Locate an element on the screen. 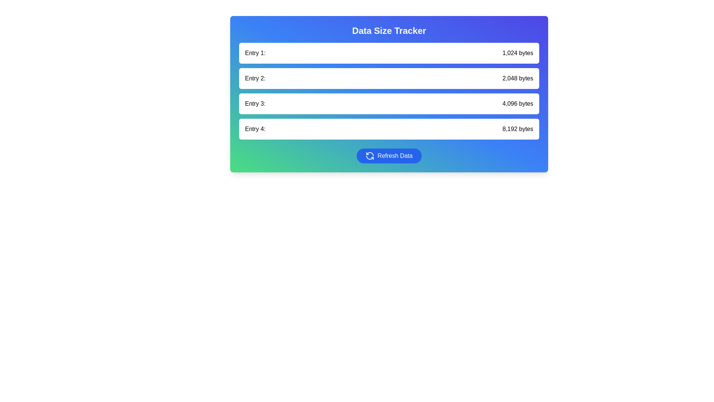  the refresh button located at the bottom of the 'Data Size Tracker' interface is located at coordinates (389, 156).